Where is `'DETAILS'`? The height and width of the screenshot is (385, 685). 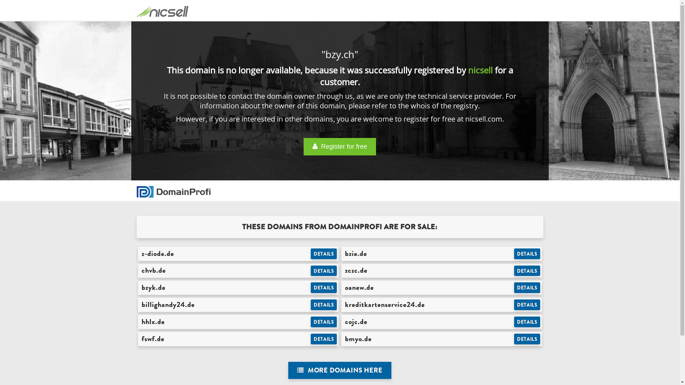 'DETAILS' is located at coordinates (527, 322).